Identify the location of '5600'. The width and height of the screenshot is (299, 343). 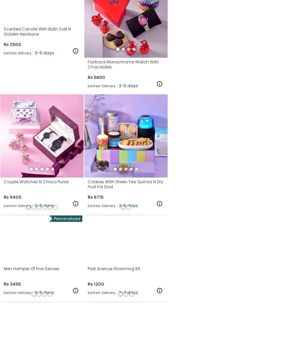
(93, 77).